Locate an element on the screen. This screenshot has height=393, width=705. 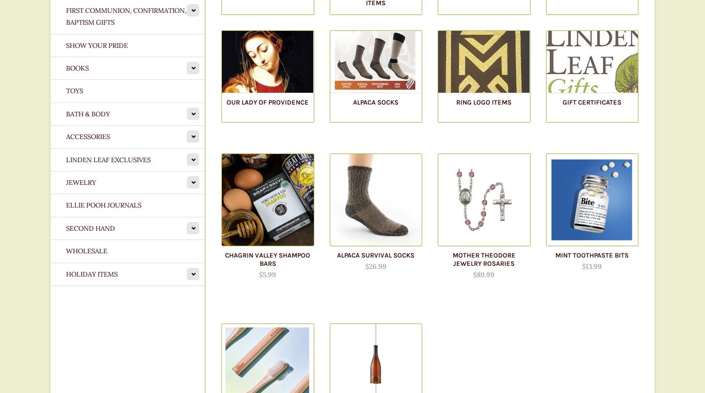
'$5.99' is located at coordinates (267, 274).